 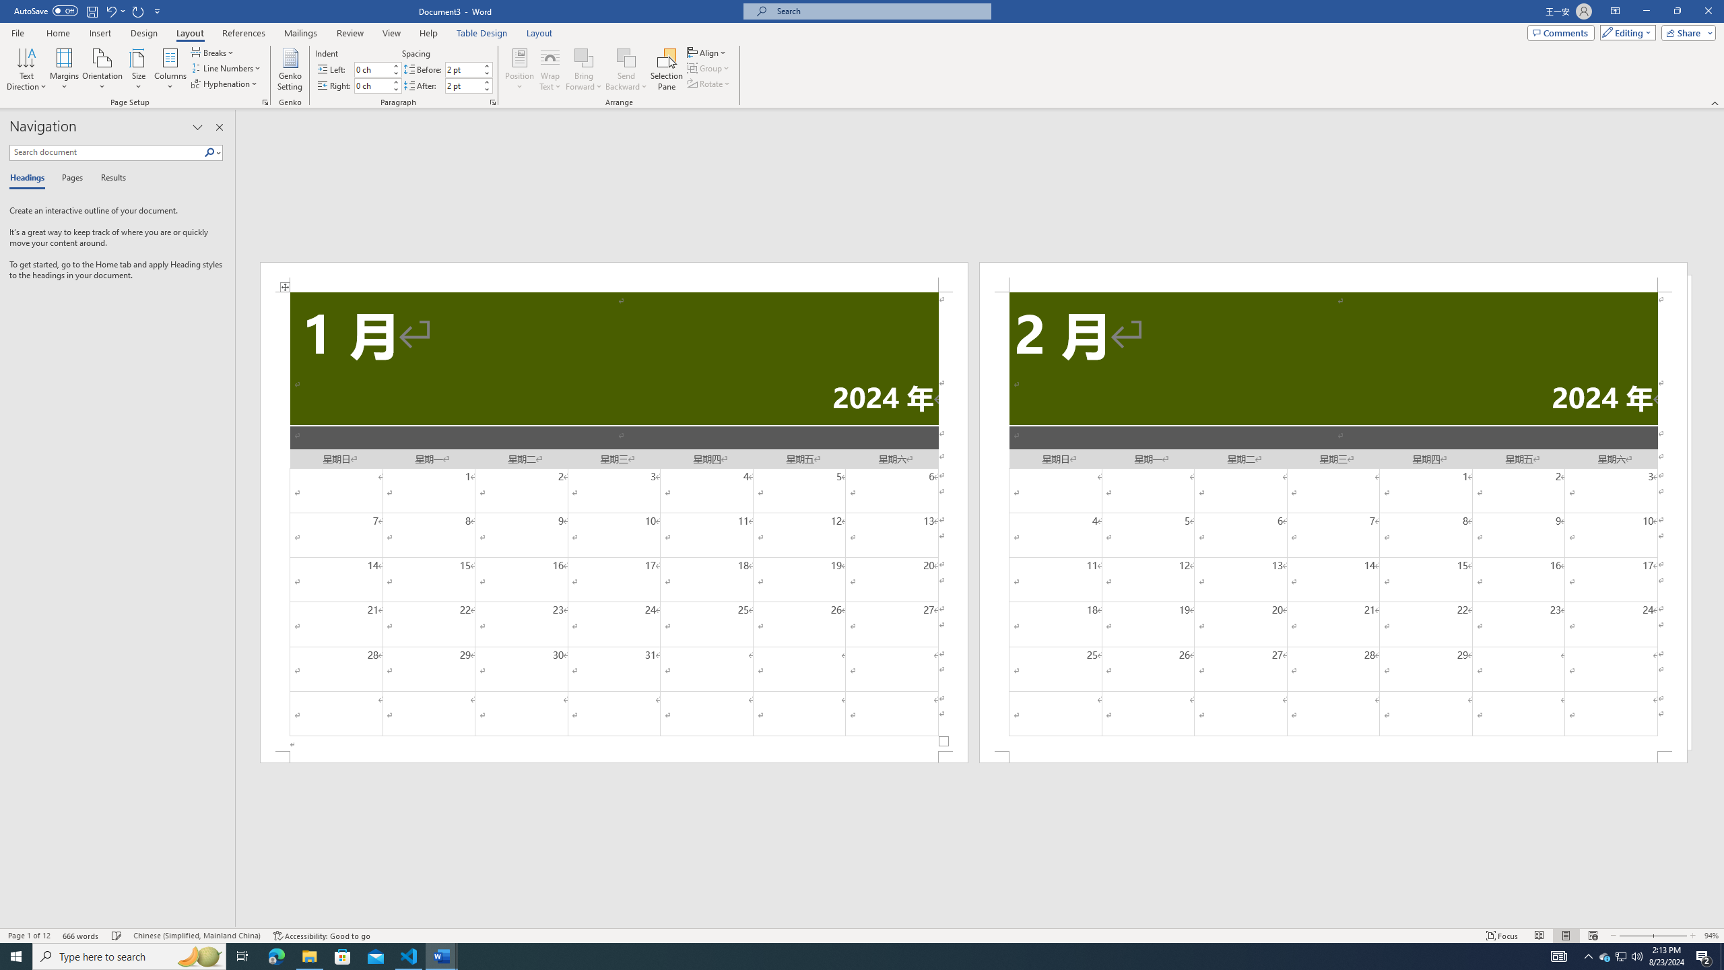 I want to click on 'Pages', so click(x=69, y=178).